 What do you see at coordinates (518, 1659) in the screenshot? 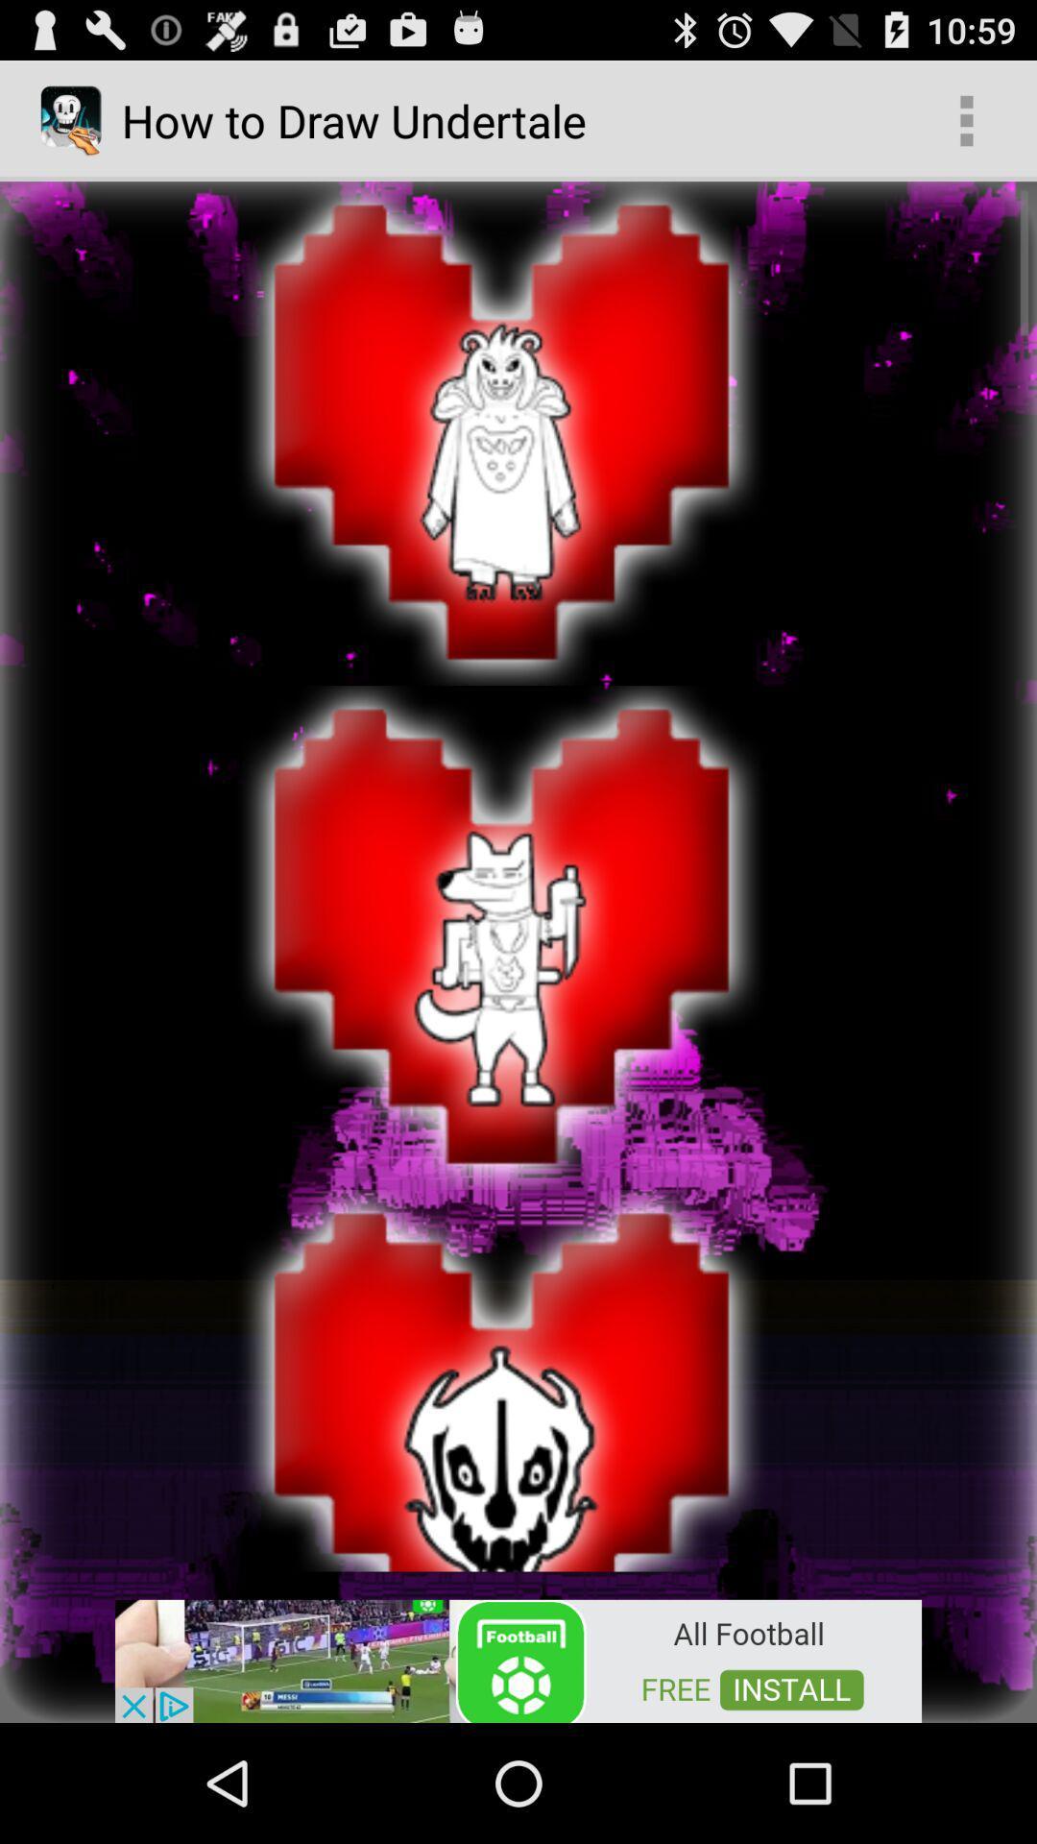
I see `the option` at bounding box center [518, 1659].